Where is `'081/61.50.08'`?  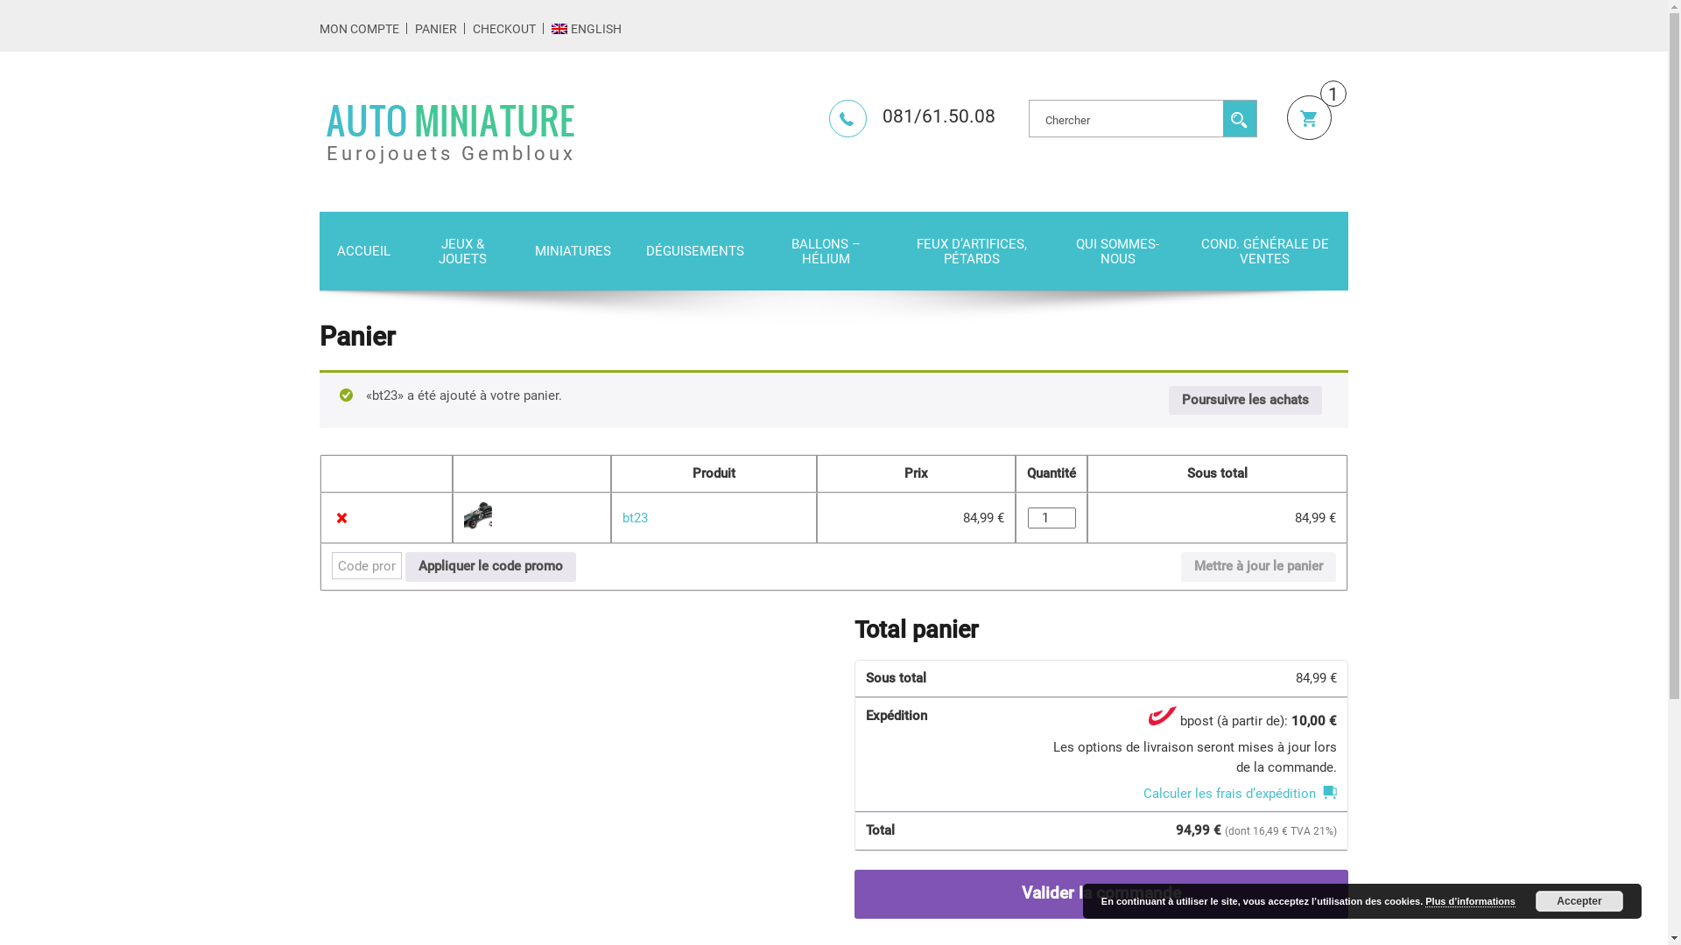
'081/61.50.08' is located at coordinates (911, 115).